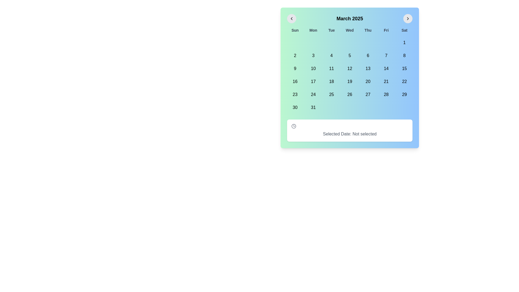 The height and width of the screenshot is (292, 519). What do you see at coordinates (404, 42) in the screenshot?
I see `the interactive button representing the first day of the month in the calendar view located in the top row under the 'Sat' label` at bounding box center [404, 42].